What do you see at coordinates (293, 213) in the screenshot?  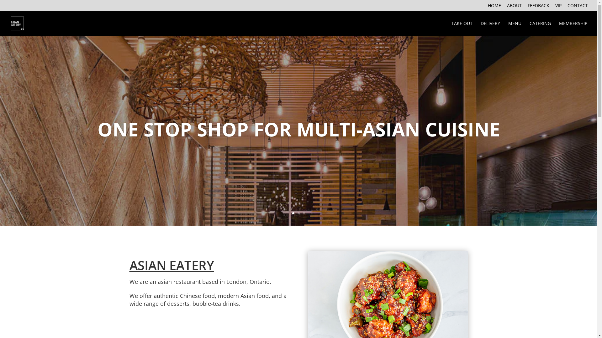 I see `'1'` at bounding box center [293, 213].